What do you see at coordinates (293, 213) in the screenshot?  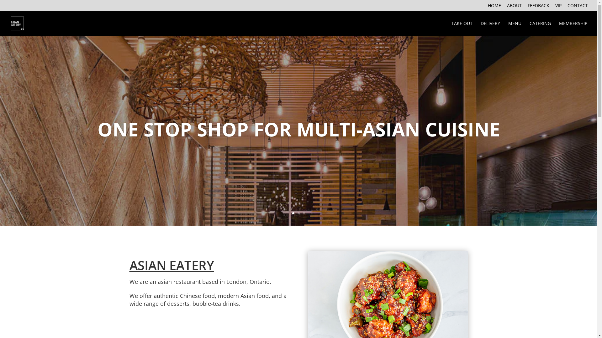 I see `'1'` at bounding box center [293, 213].